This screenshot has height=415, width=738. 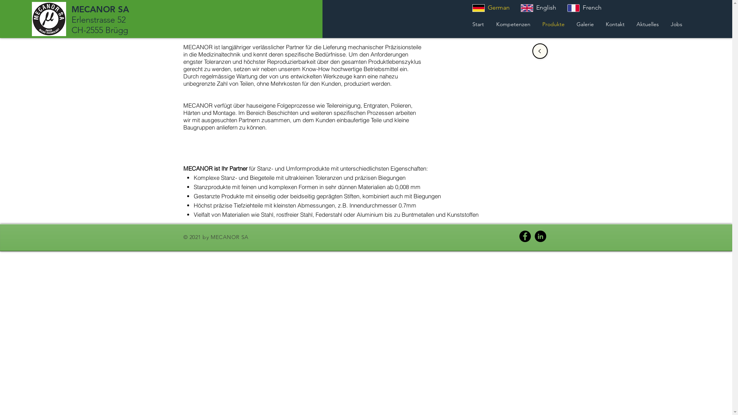 I want to click on 'Galerie', so click(x=584, y=23).